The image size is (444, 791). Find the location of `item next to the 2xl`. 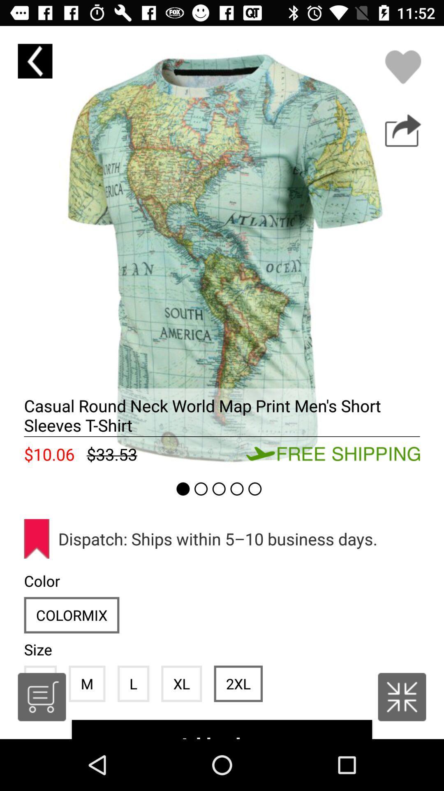

item next to the 2xl is located at coordinates (181, 683).